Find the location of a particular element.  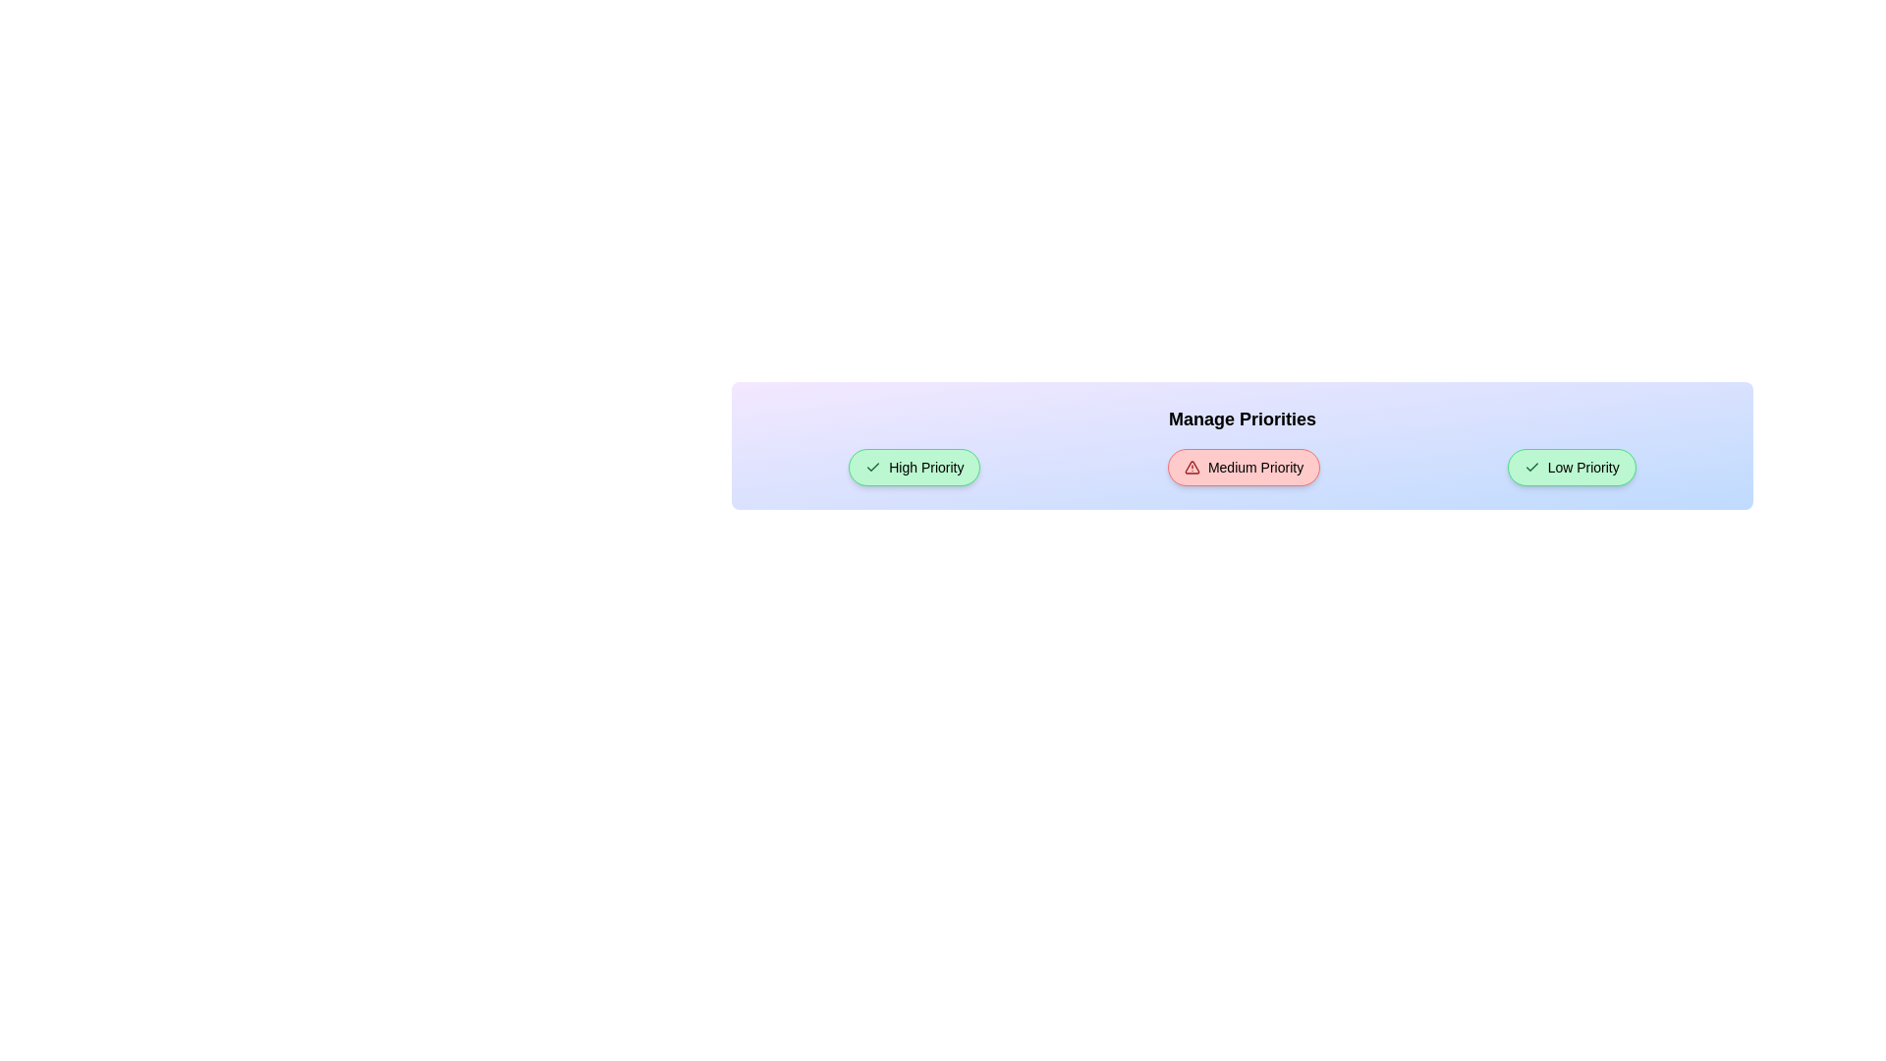

the button corresponding to High Priority to toggle its state and observe the transition effect is located at coordinates (914, 467).